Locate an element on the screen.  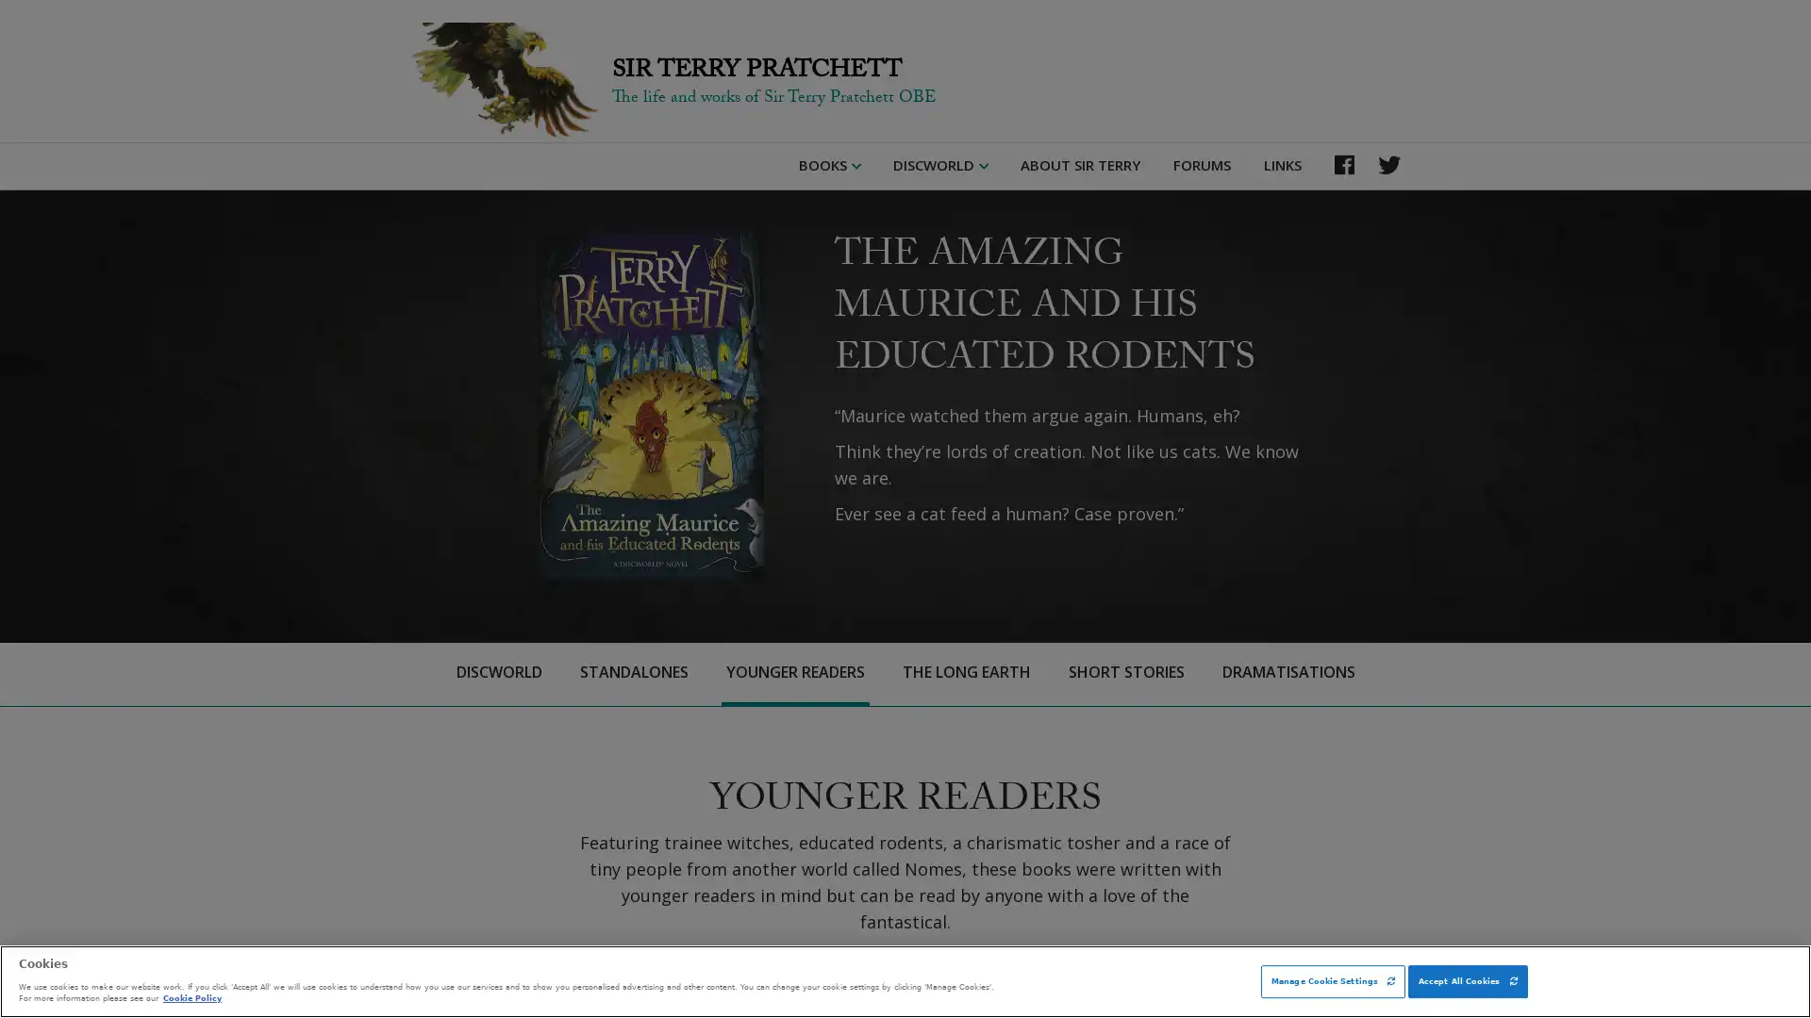
Manage Cookie Settings is located at coordinates (1332, 980).